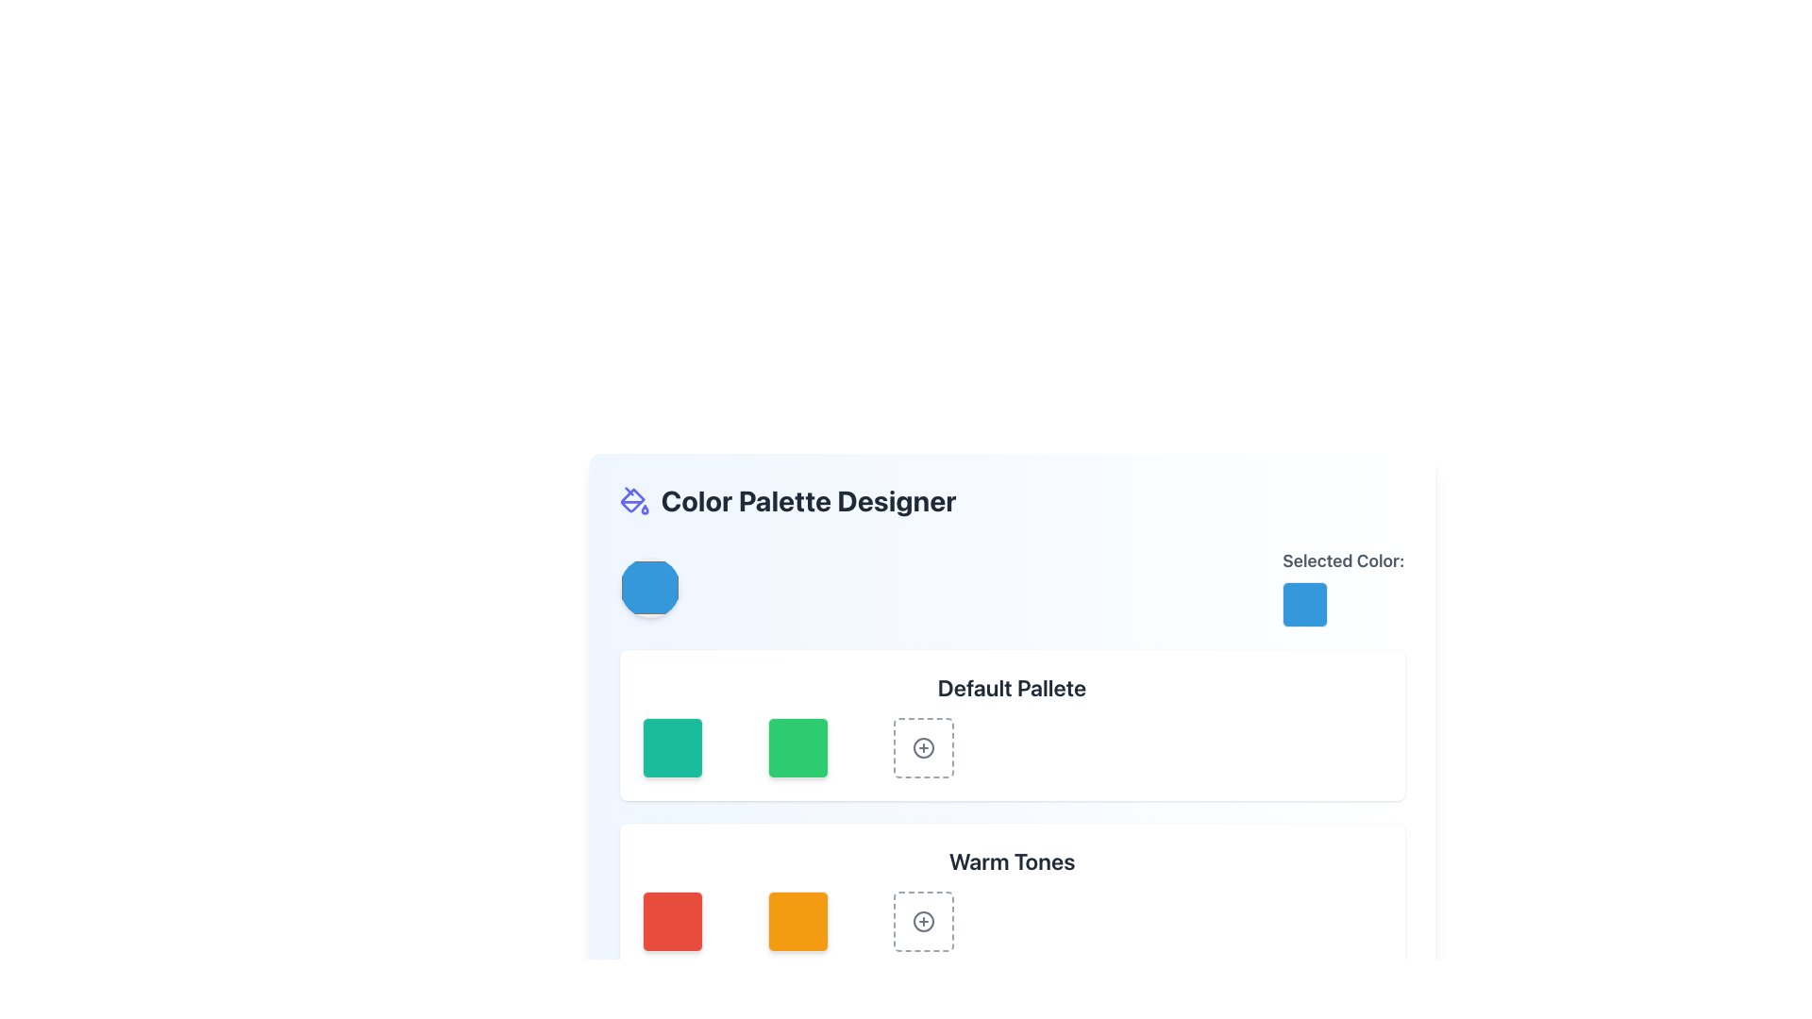 The image size is (1812, 1019). What do you see at coordinates (797, 747) in the screenshot?
I see `the second square color selector item in the 'Default Palette' row` at bounding box center [797, 747].